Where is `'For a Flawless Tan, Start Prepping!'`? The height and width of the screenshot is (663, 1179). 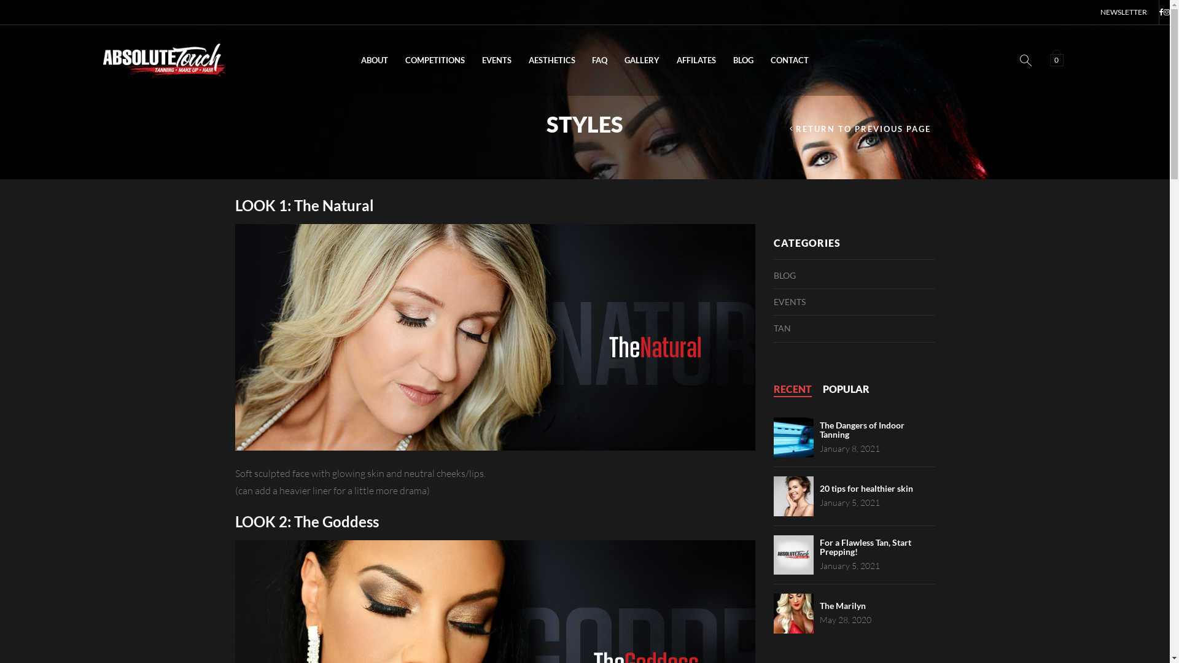 'For a Flawless Tan, Start Prepping!' is located at coordinates (865, 546).